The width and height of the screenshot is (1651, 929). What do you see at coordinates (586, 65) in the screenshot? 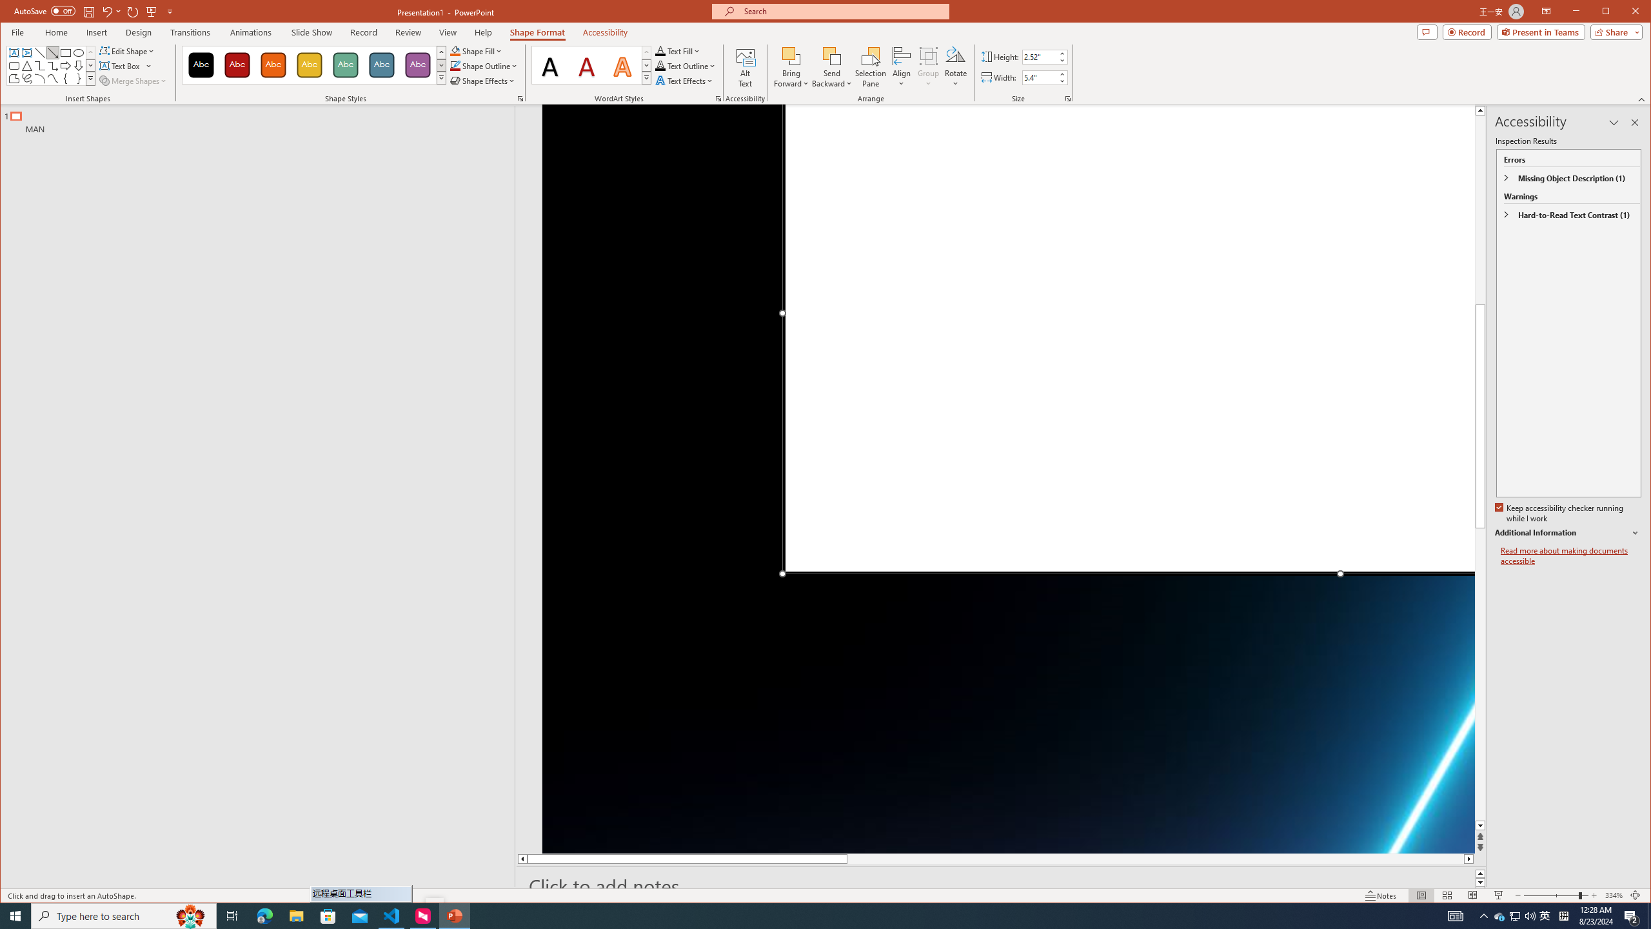
I see `'Fill: Dark Red, Accent color 1; Shadow'` at bounding box center [586, 65].